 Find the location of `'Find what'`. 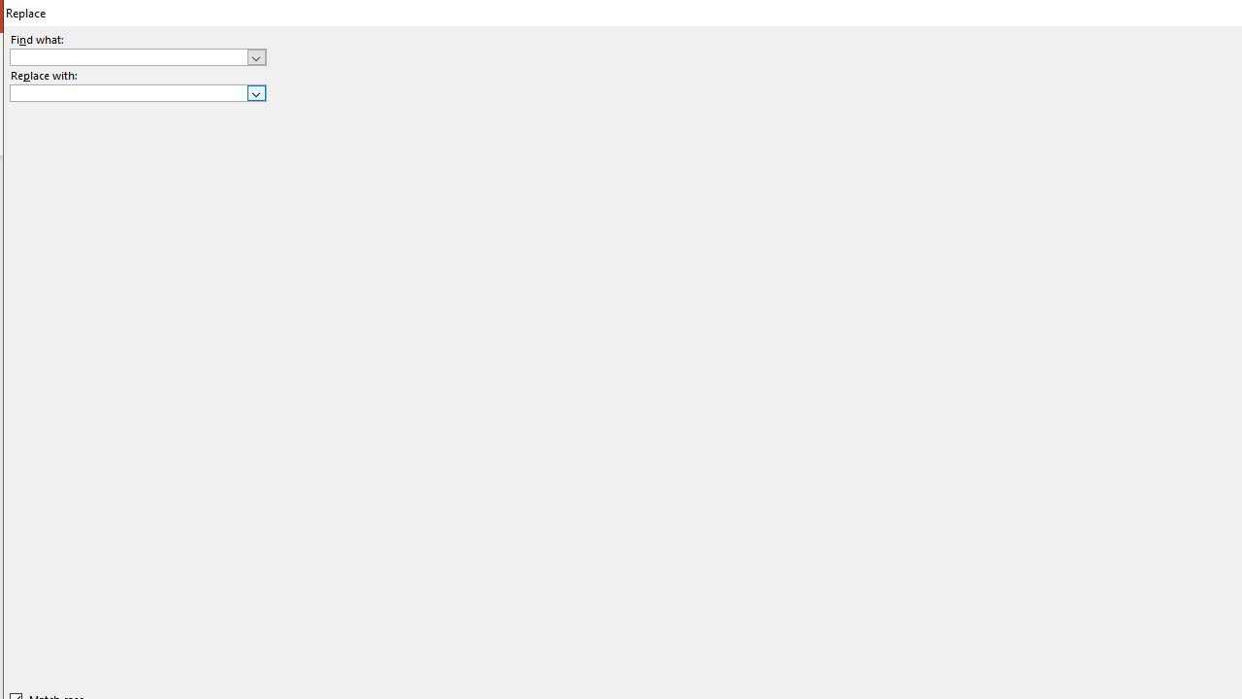

'Find what' is located at coordinates (128, 56).